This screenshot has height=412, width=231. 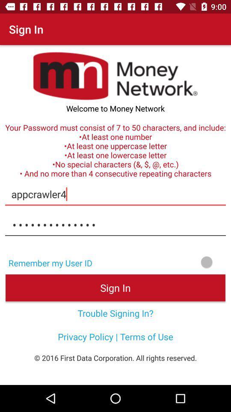 I want to click on icon to the right of remember my user, so click(x=164, y=261).